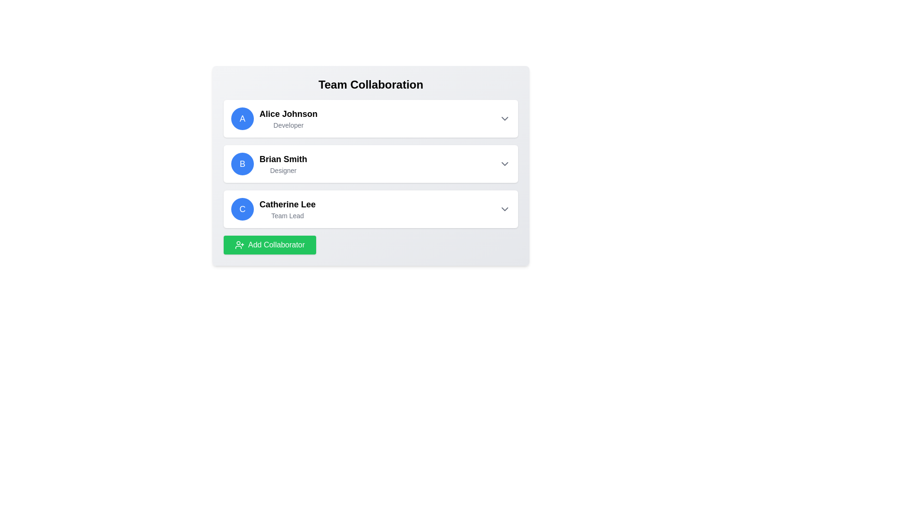 The width and height of the screenshot is (906, 509). Describe the element at coordinates (242, 163) in the screenshot. I see `the Avatar element, which serves as a visual identifier for the user and is located on the left side of the horizontal layout, to possibly view details or perform an action` at that location.